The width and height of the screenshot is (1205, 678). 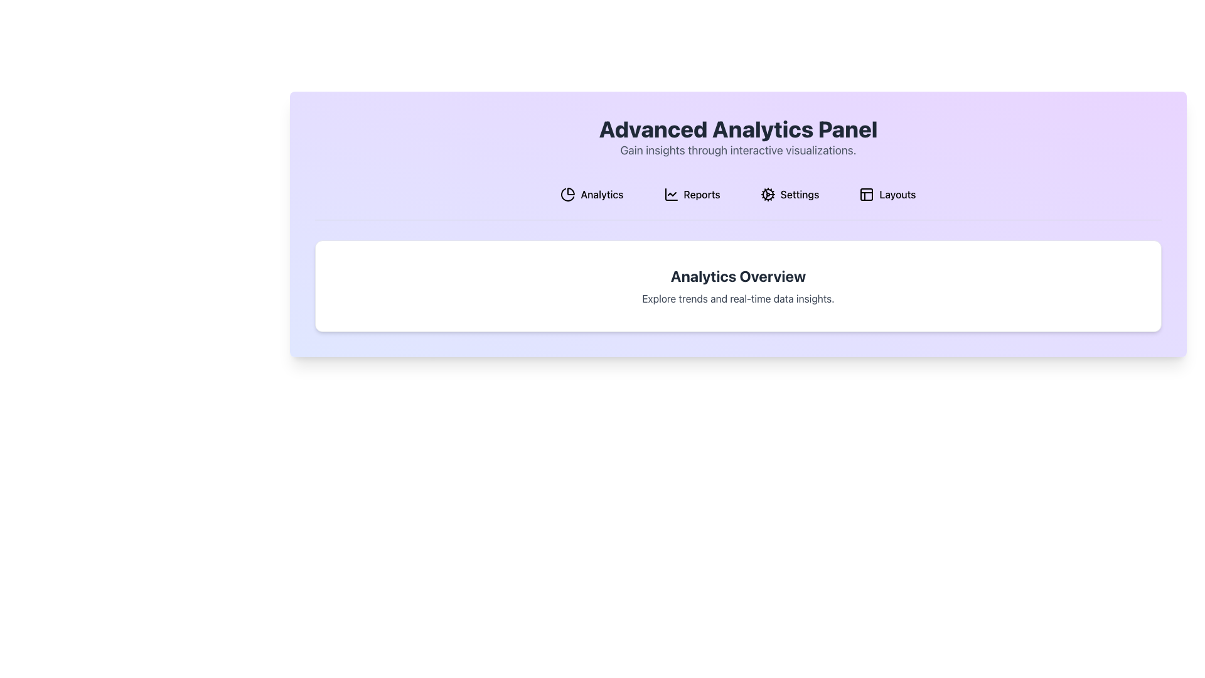 I want to click on the 'Analytics' label in the upper center of the interface, so click(x=601, y=194).